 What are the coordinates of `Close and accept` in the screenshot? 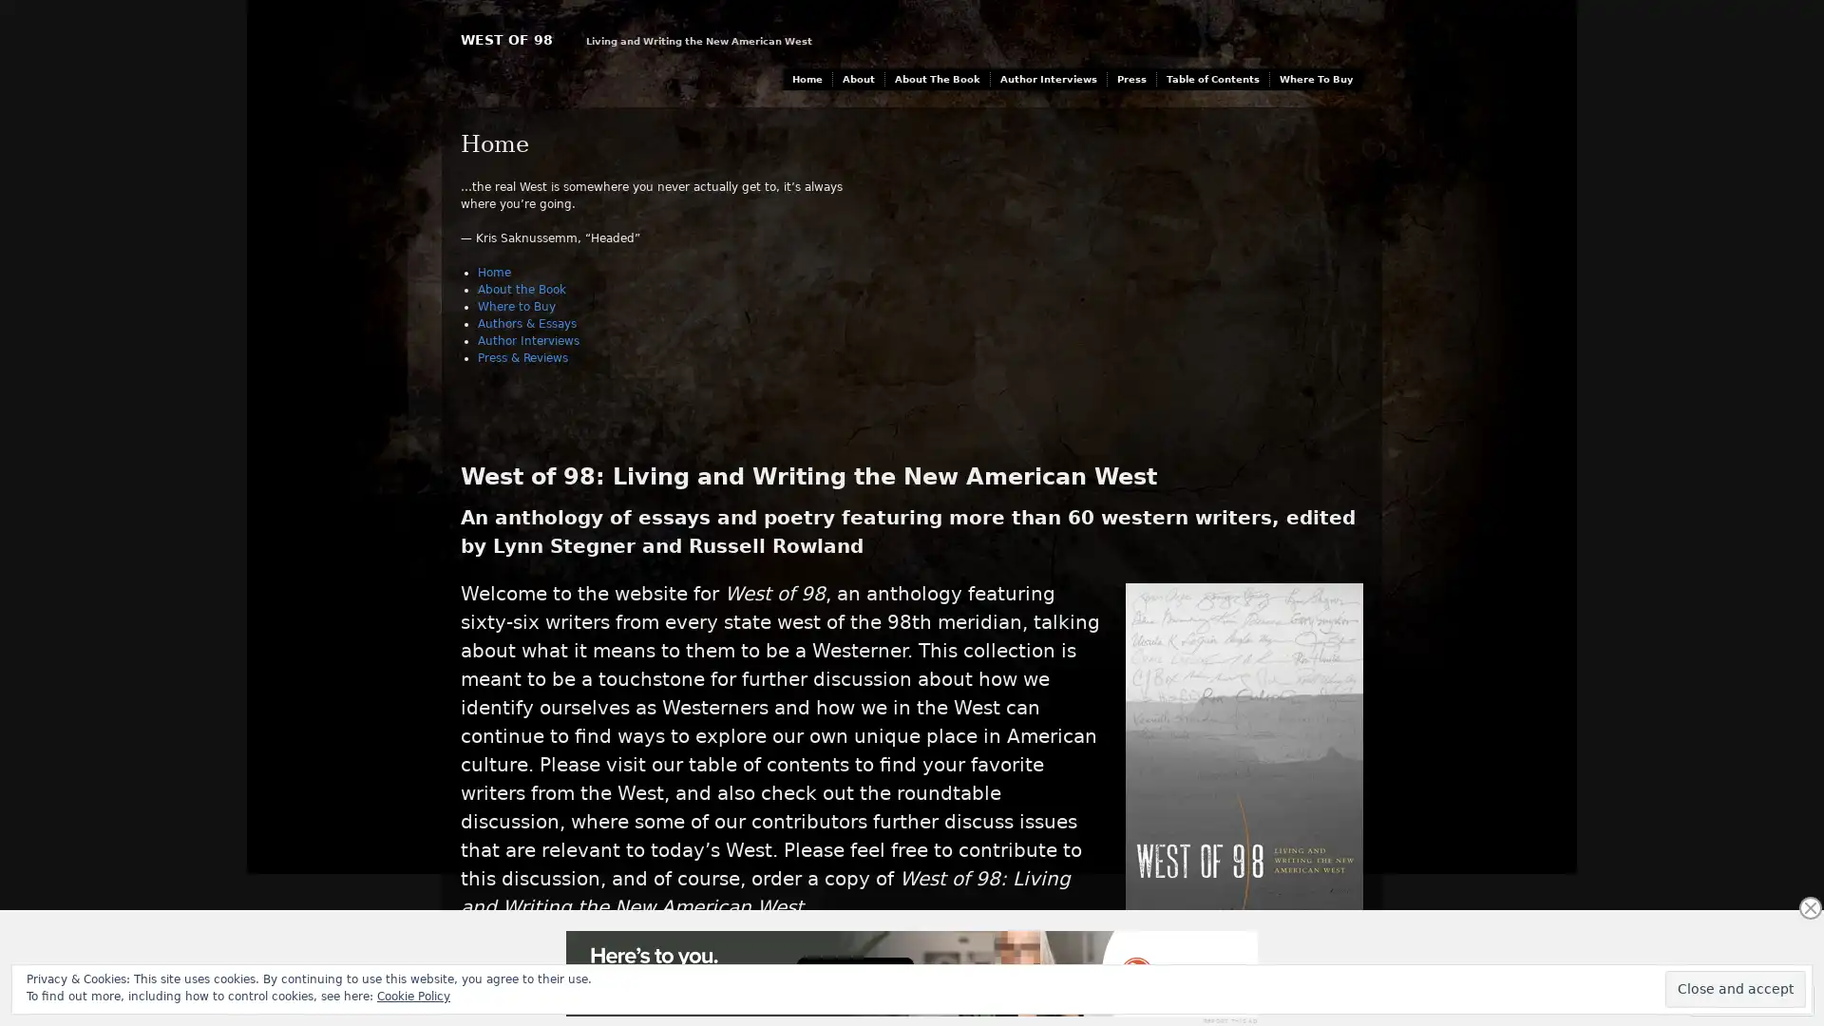 It's located at (1736, 988).